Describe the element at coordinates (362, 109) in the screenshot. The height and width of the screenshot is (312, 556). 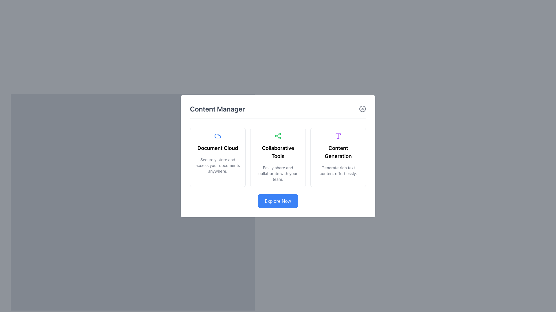
I see `the close button located in the top-right corner of the 'Content Manager' interface to change its color` at that location.